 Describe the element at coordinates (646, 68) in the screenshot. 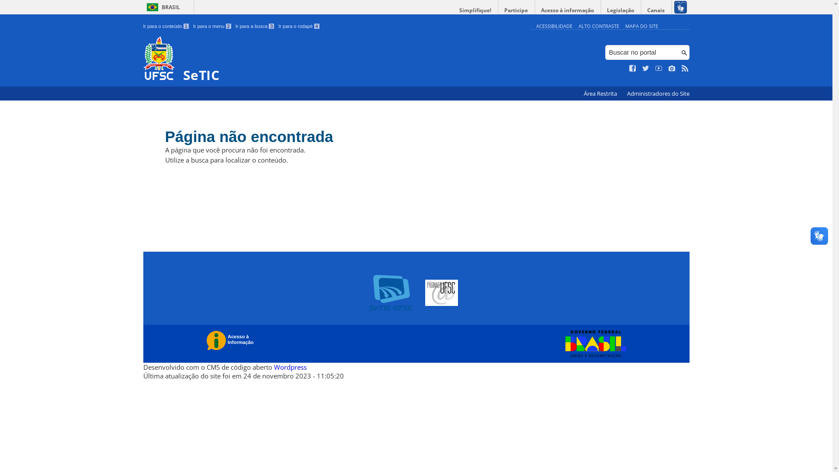

I see `'Siga no Twitter'` at that location.